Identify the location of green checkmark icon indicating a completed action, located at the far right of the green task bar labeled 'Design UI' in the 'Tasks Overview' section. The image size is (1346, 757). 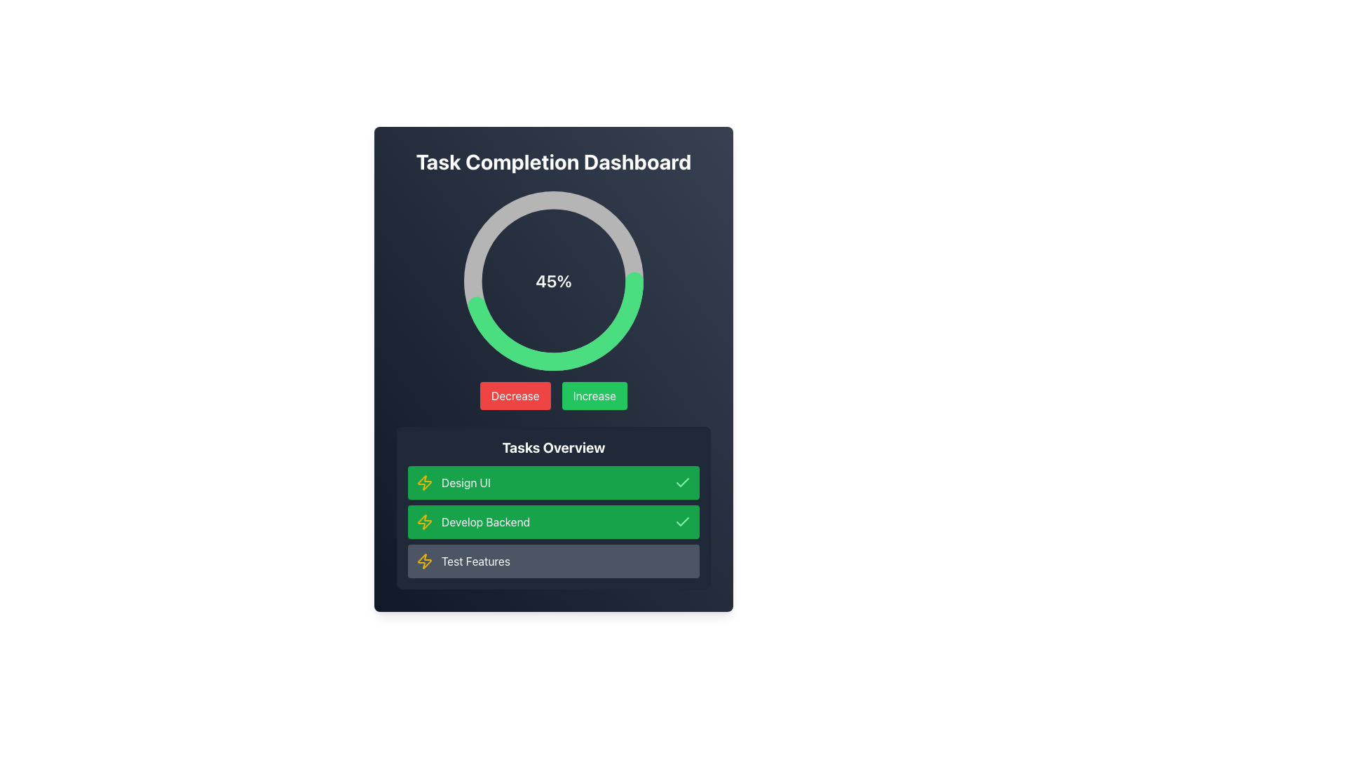
(683, 482).